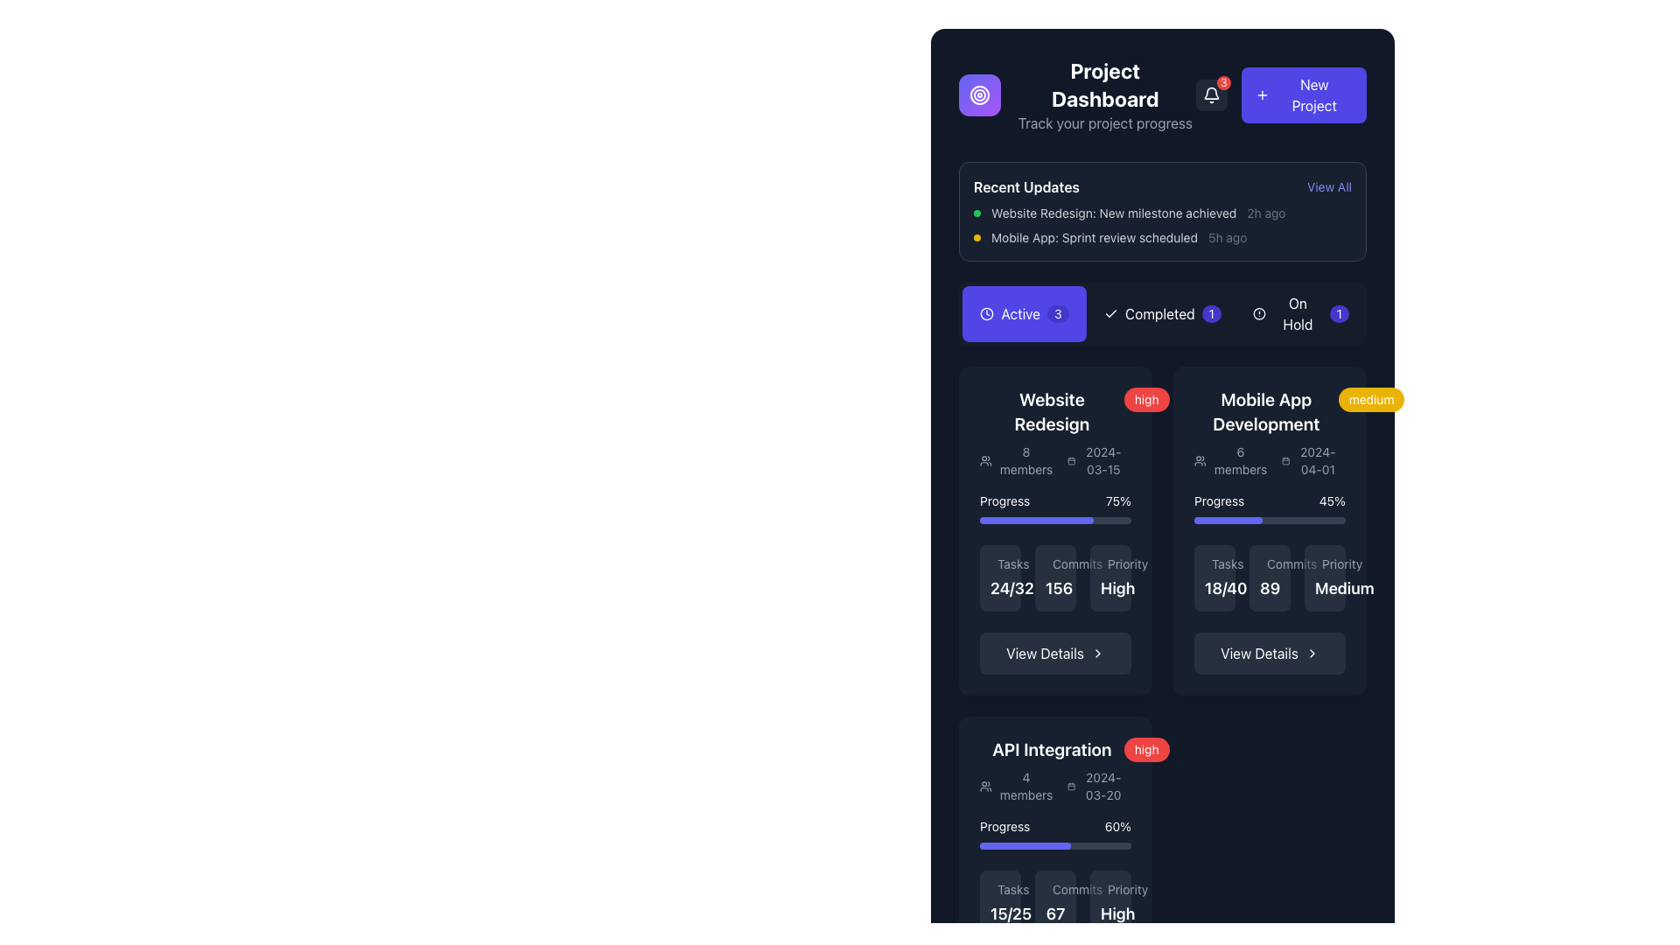 The image size is (1680, 945). I want to click on the 'API Integration' text label, so click(1051, 748).